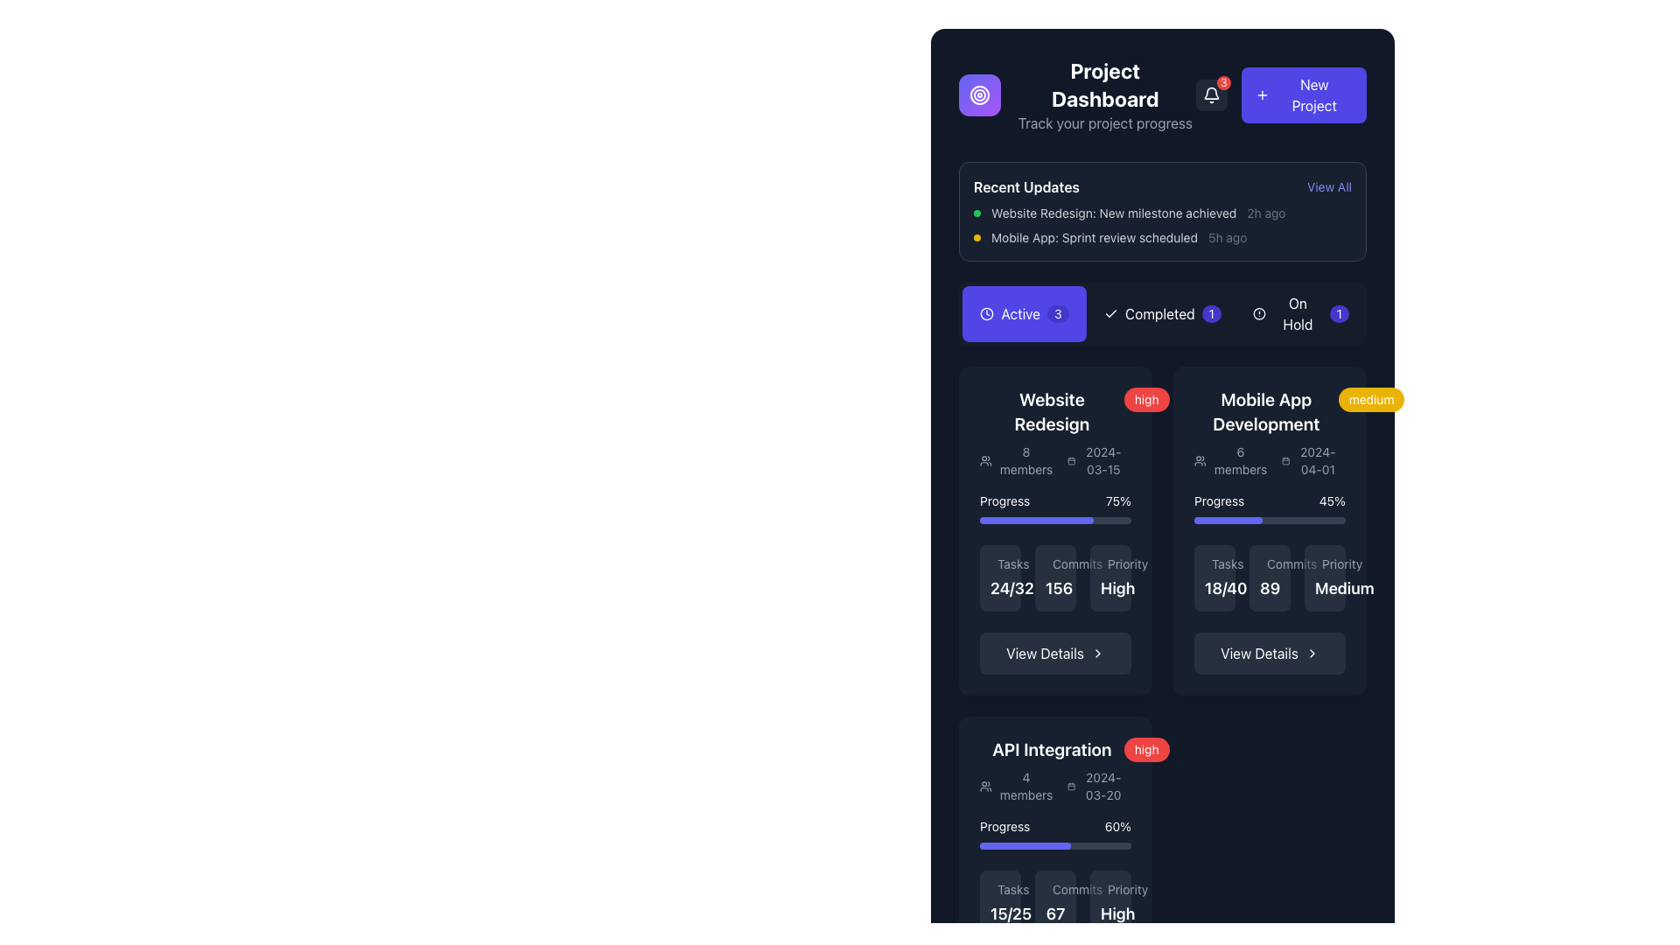 The image size is (1680, 945). I want to click on the 'API Integration' text label, so click(1051, 748).